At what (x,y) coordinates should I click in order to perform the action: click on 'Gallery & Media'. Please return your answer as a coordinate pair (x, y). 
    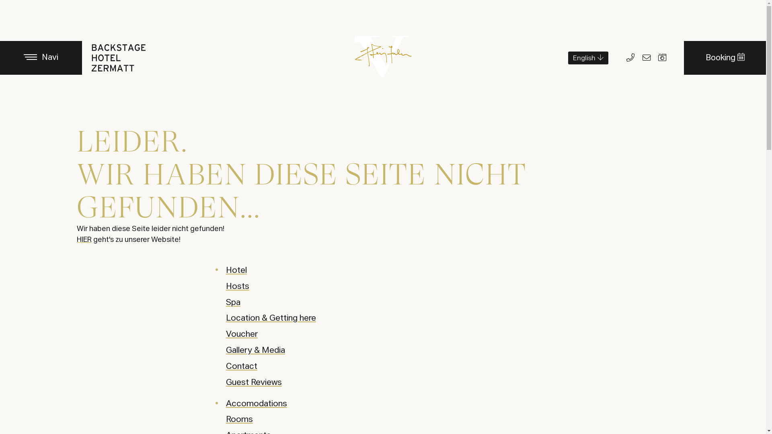
    Looking at the image, I should click on (225, 350).